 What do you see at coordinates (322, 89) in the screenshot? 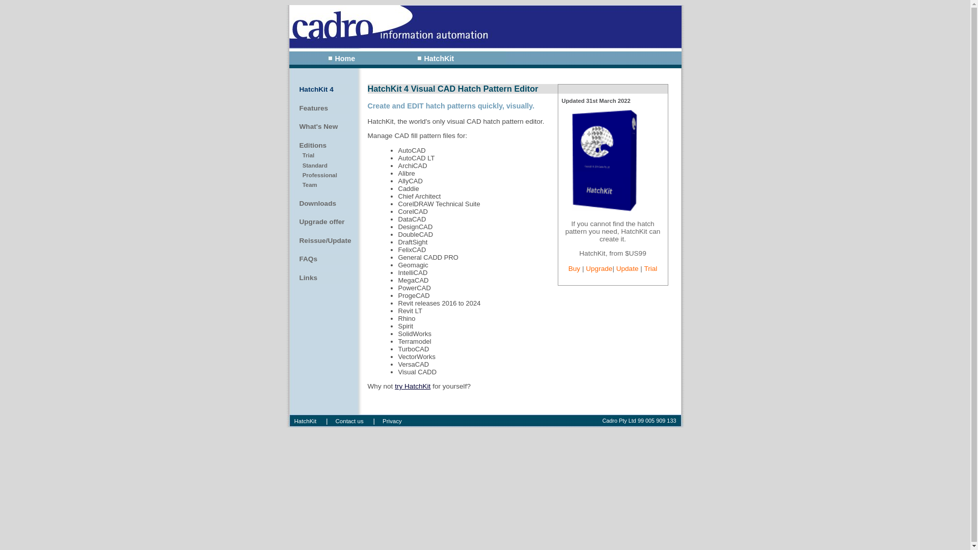
I see `'HatchKit 4'` at bounding box center [322, 89].